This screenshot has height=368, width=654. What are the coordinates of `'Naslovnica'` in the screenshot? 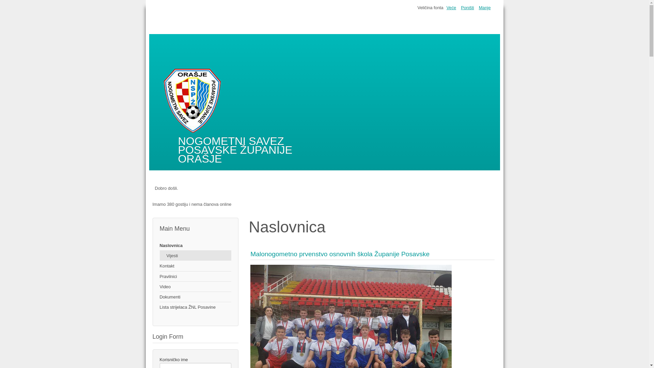 It's located at (195, 246).